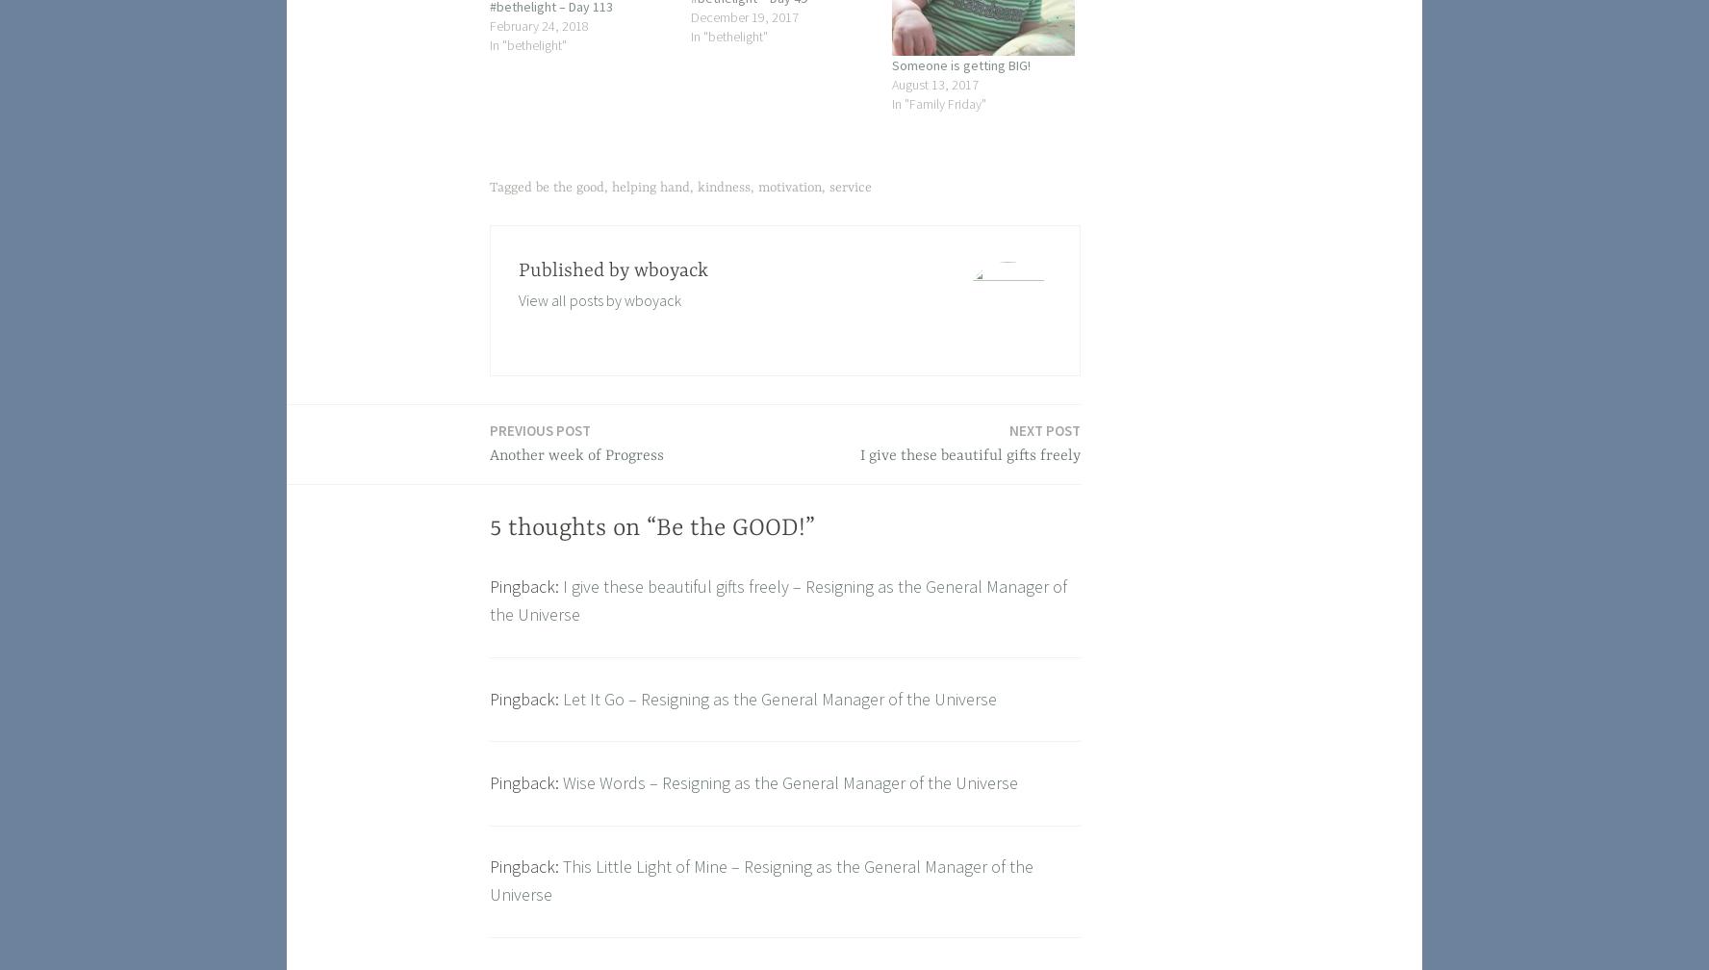 The width and height of the screenshot is (1709, 970). I want to click on 'This Little Light of Mine – Resigning as the General Manager of the Universe', so click(760, 880).